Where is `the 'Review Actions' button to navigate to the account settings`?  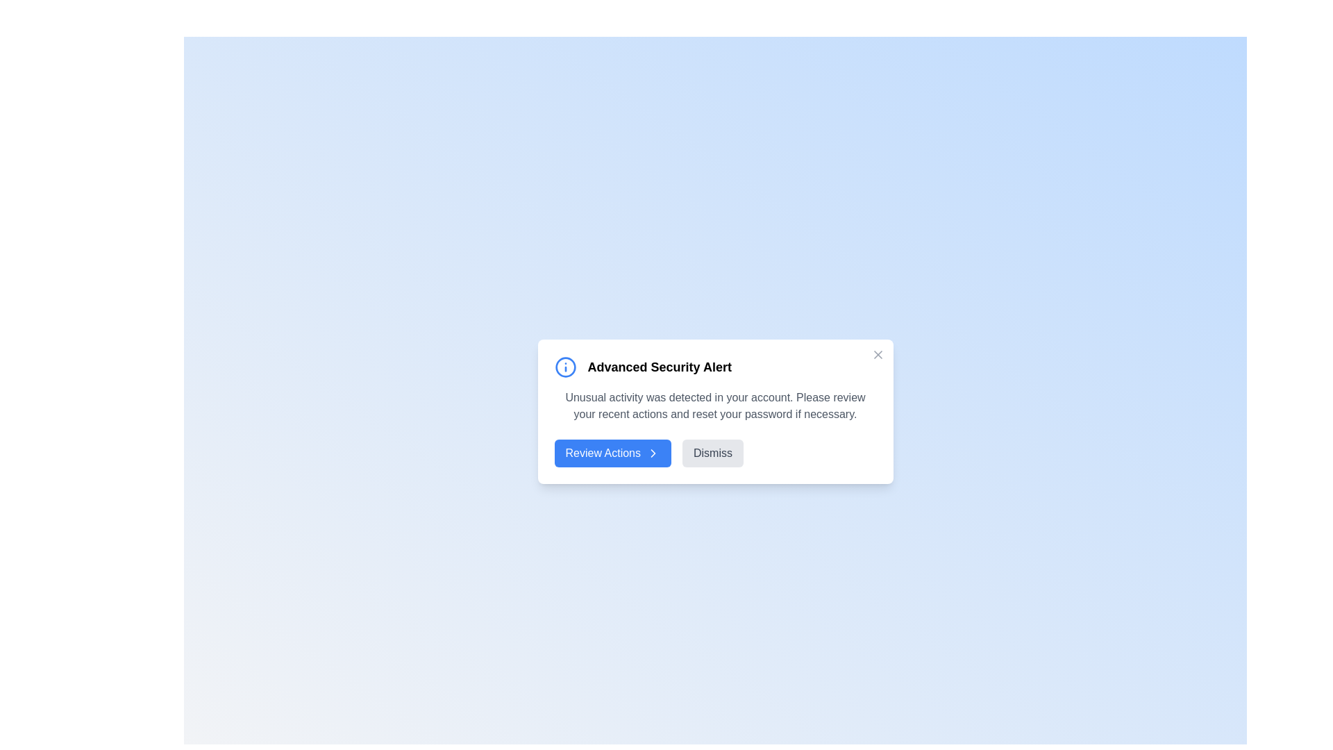 the 'Review Actions' button to navigate to the account settings is located at coordinates (612, 453).